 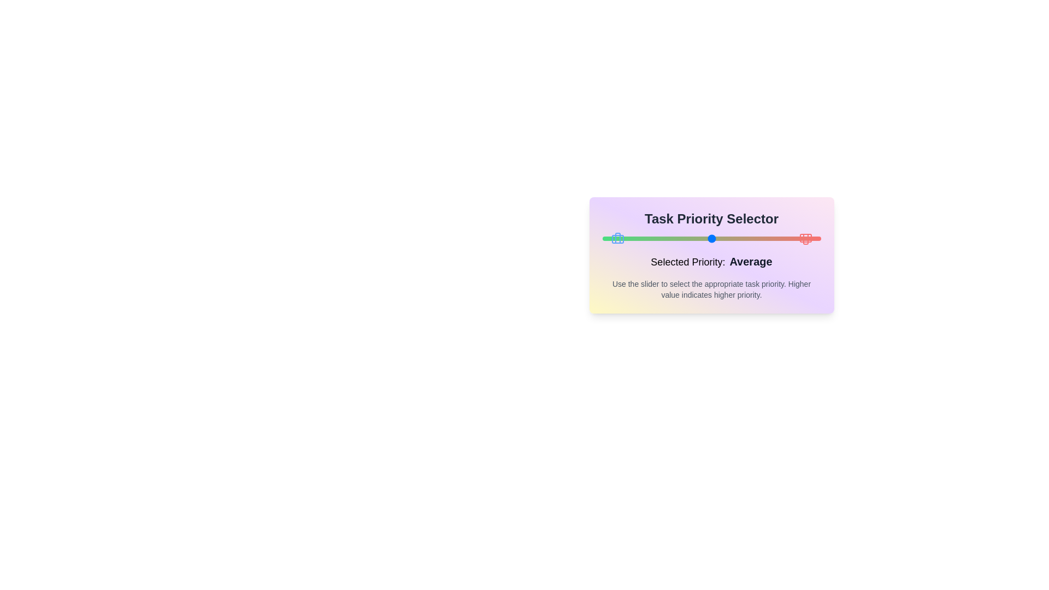 What do you see at coordinates (711, 238) in the screenshot?
I see `the slider to set the priority to 3` at bounding box center [711, 238].